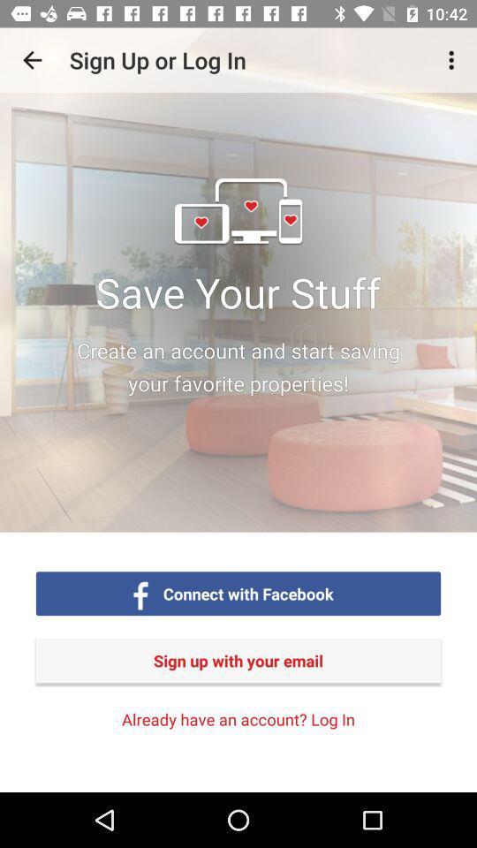  Describe the element at coordinates (247, 594) in the screenshot. I see `connect with facebook item` at that location.